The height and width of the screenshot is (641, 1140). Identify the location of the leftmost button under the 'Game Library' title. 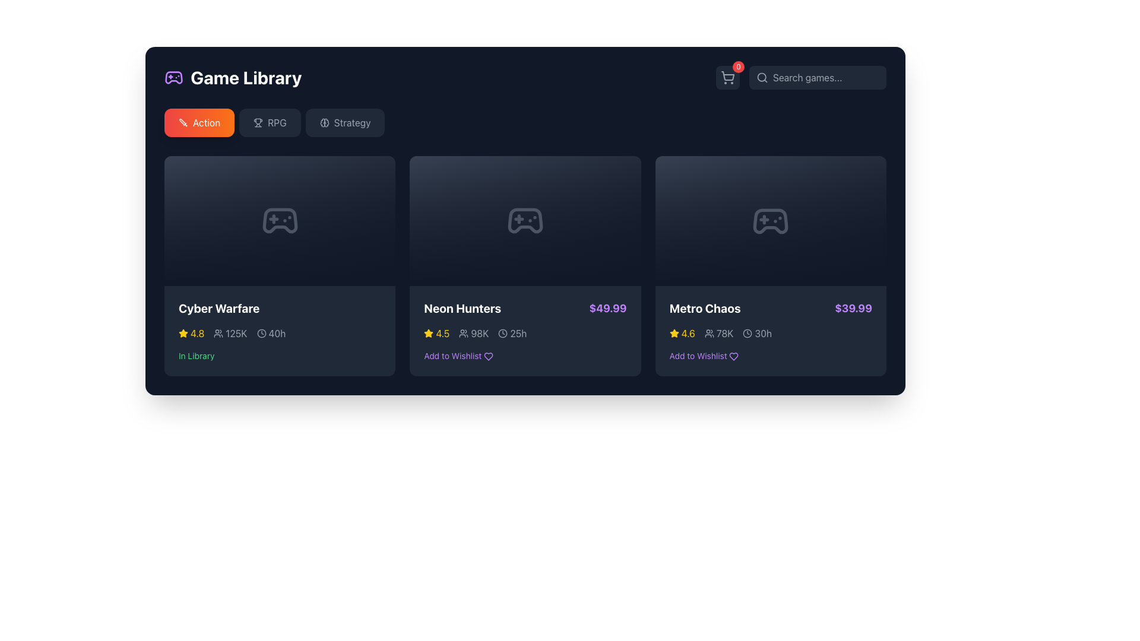
(199, 123).